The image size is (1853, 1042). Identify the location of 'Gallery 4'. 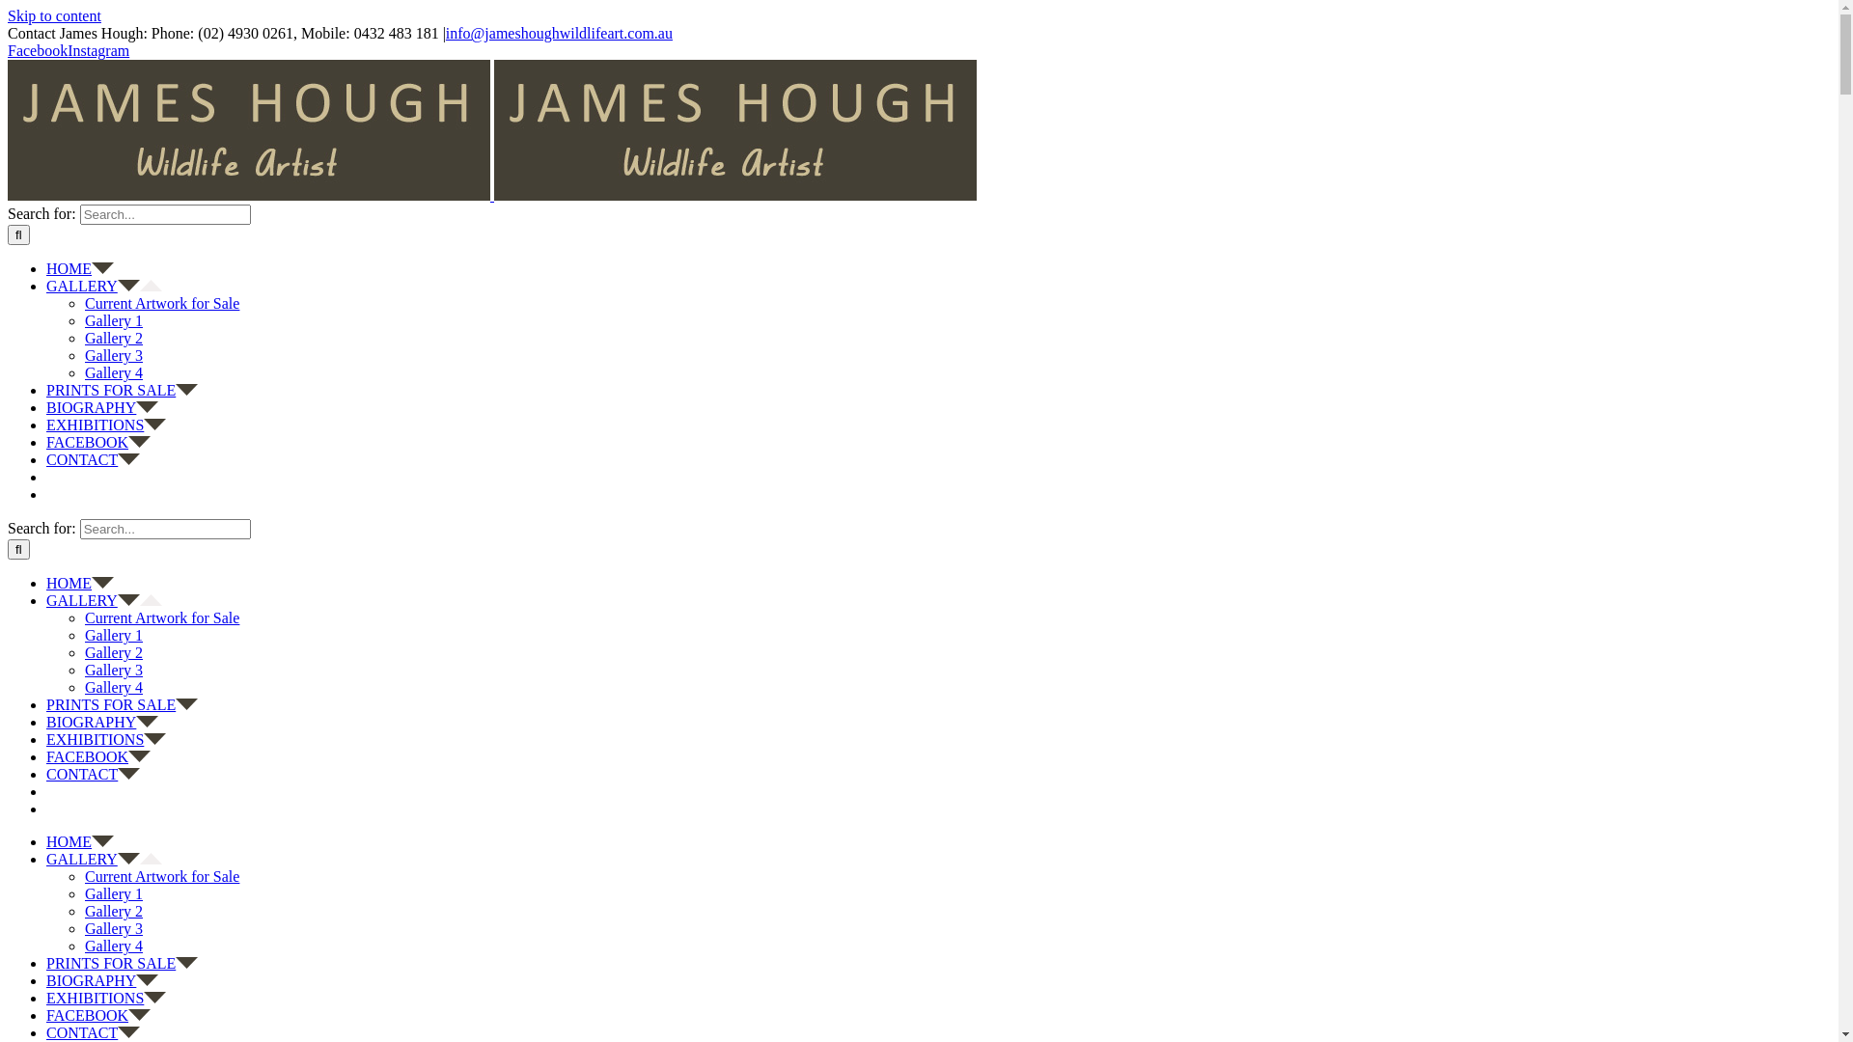
(113, 372).